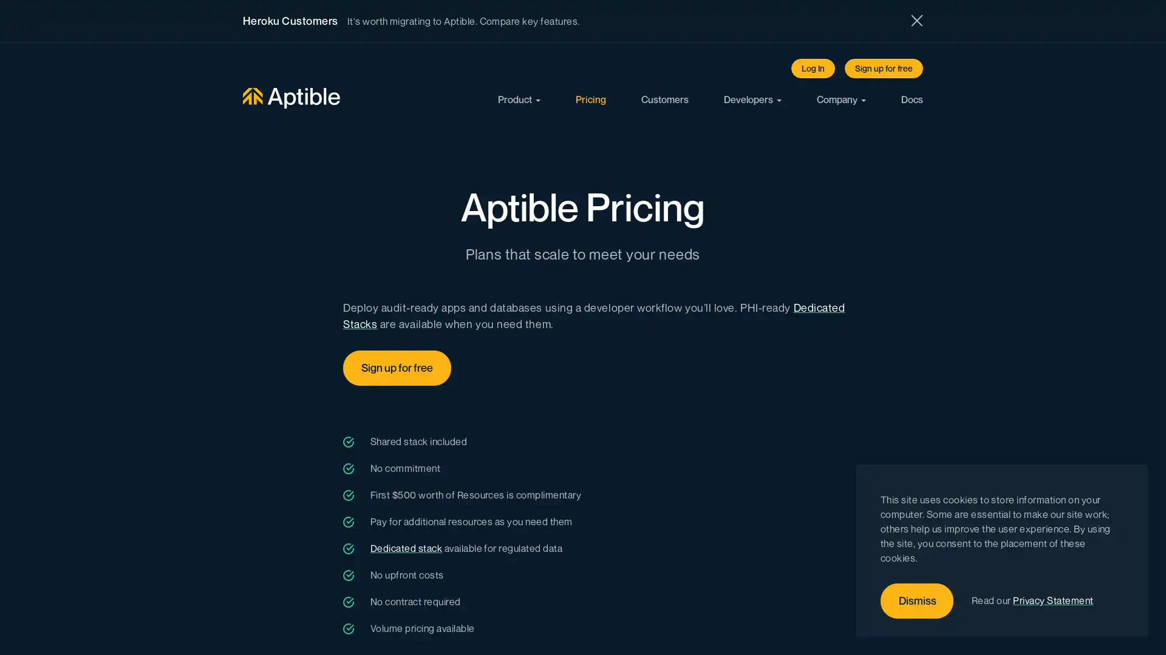 Image resolution: width=1166 pixels, height=655 pixels. I want to click on Sign up for free, so click(884, 68).